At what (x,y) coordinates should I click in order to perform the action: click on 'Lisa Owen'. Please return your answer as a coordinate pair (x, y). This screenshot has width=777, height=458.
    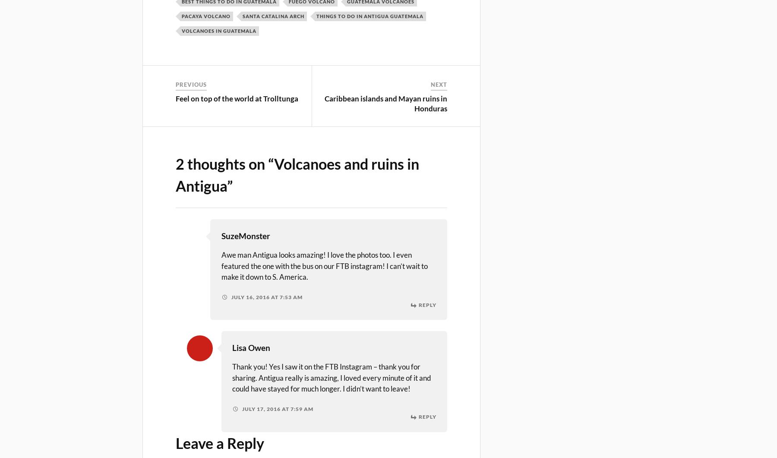
    Looking at the image, I should click on (251, 348).